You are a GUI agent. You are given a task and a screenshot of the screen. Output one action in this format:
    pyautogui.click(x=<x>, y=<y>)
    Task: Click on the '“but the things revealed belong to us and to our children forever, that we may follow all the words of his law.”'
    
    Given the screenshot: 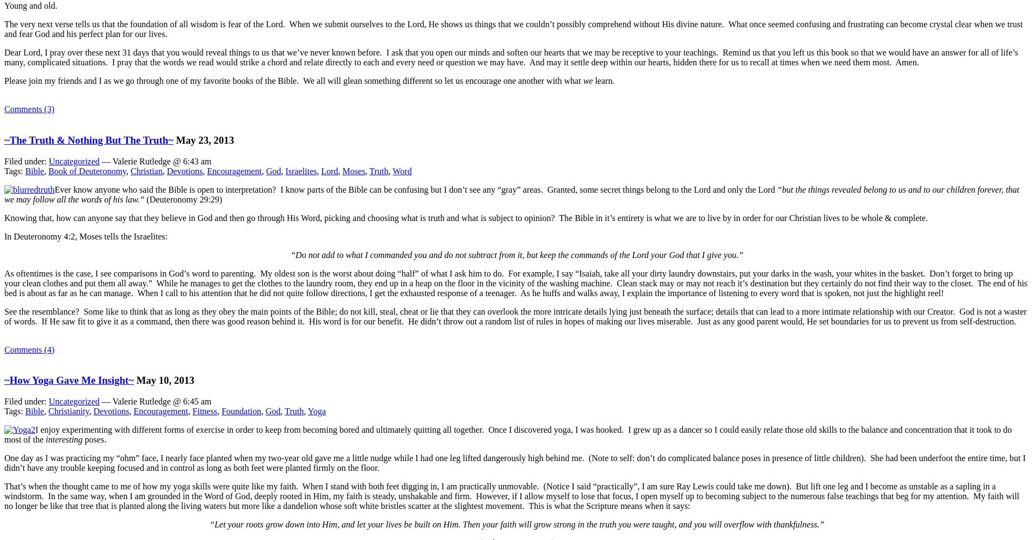 What is the action you would take?
    pyautogui.click(x=511, y=193)
    